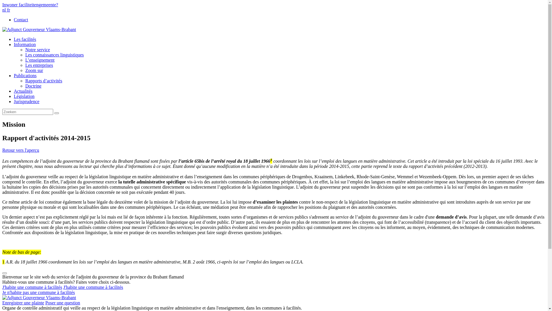 Image resolution: width=552 pixels, height=311 pixels. I want to click on 'Homepage', so click(39, 29).